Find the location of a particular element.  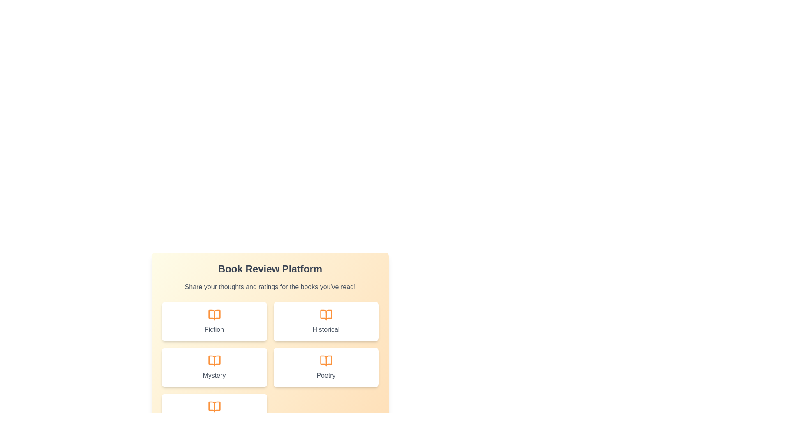

the 'Poetry' category label located in the bottom-right cell of the grid, which is part of a white card component on the book review platform is located at coordinates (325, 375).